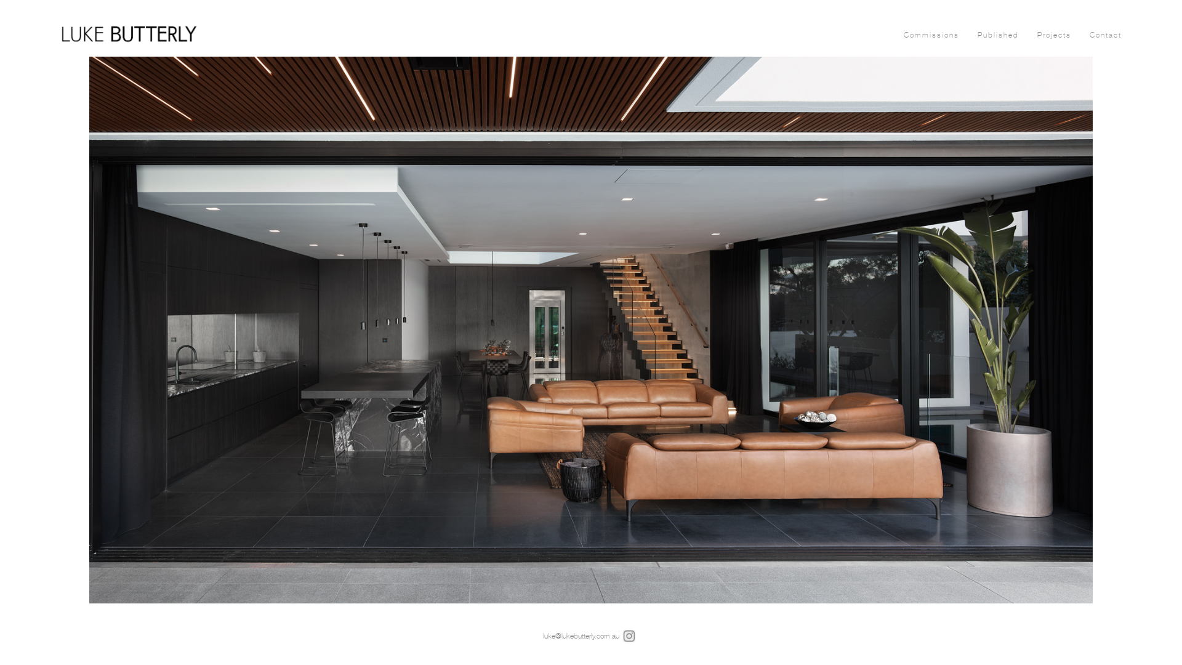  I want to click on 'Contact', so click(1105, 34).